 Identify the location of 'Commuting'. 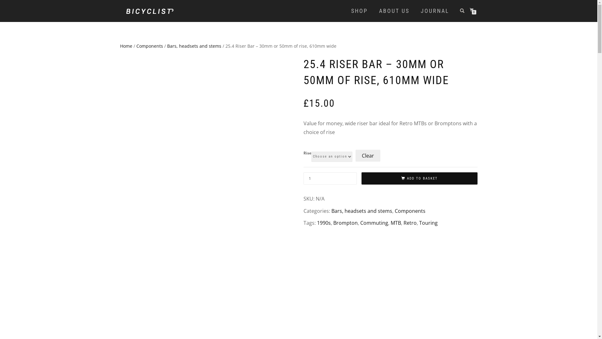
(374, 222).